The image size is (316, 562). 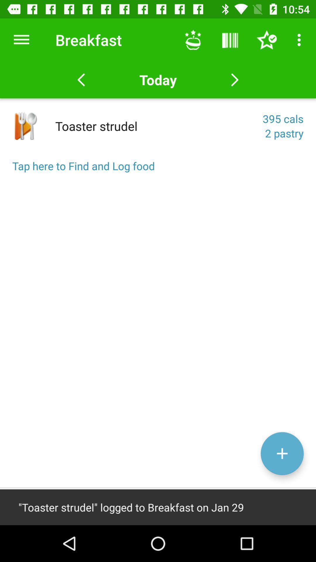 I want to click on the arrow_forward icon, so click(x=234, y=80).